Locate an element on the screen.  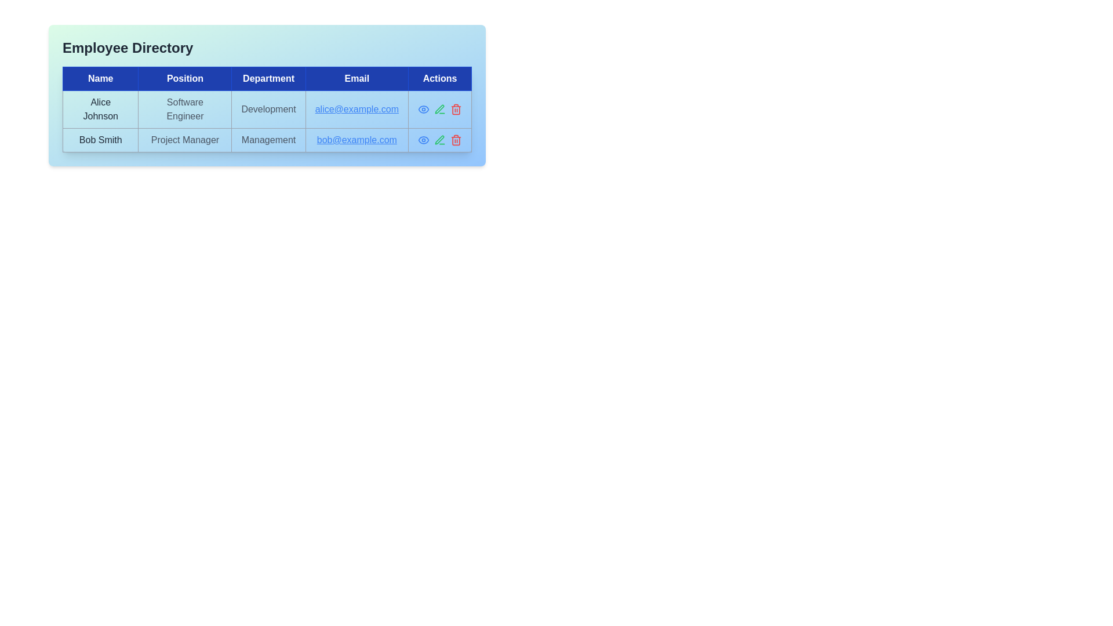
the text label displaying 'Bob Smith' in the employee directory is located at coordinates (100, 140).